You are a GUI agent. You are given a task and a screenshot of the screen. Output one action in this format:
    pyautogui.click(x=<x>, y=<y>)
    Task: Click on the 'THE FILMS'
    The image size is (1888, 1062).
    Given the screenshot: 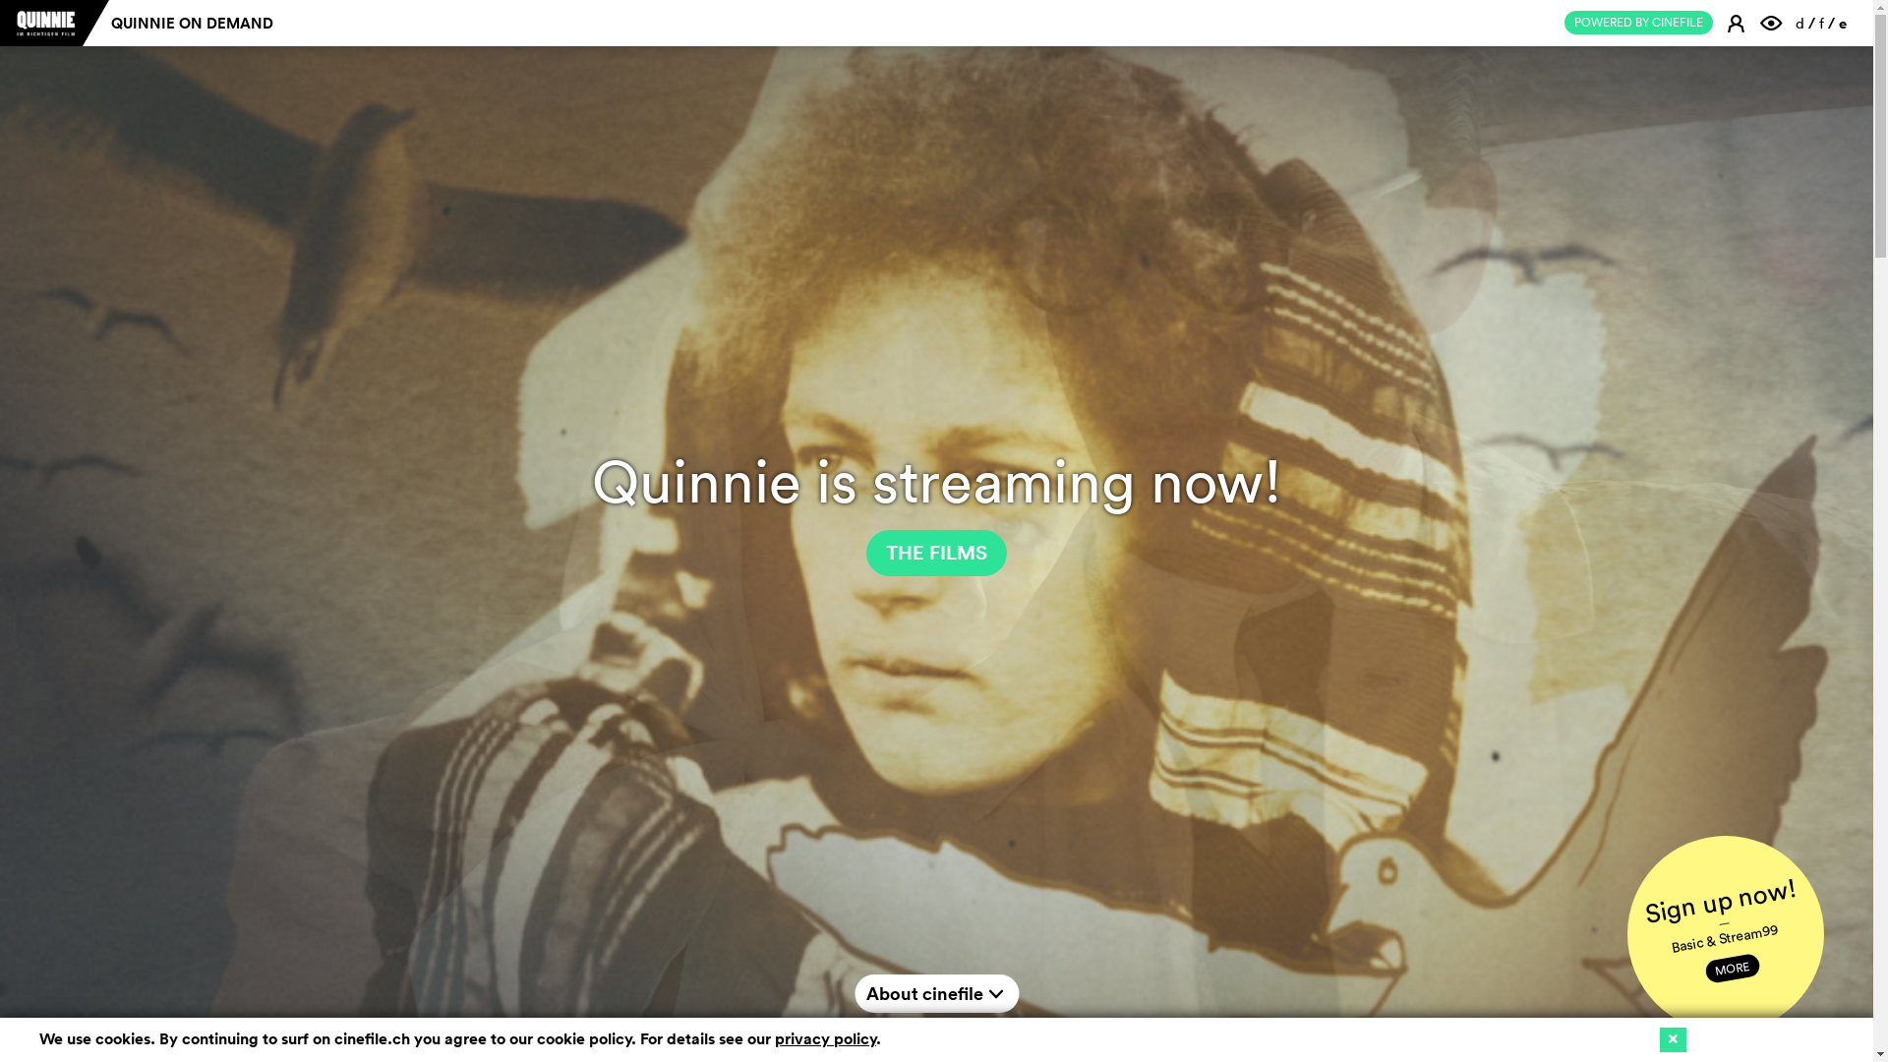 What is the action you would take?
    pyautogui.click(x=935, y=553)
    